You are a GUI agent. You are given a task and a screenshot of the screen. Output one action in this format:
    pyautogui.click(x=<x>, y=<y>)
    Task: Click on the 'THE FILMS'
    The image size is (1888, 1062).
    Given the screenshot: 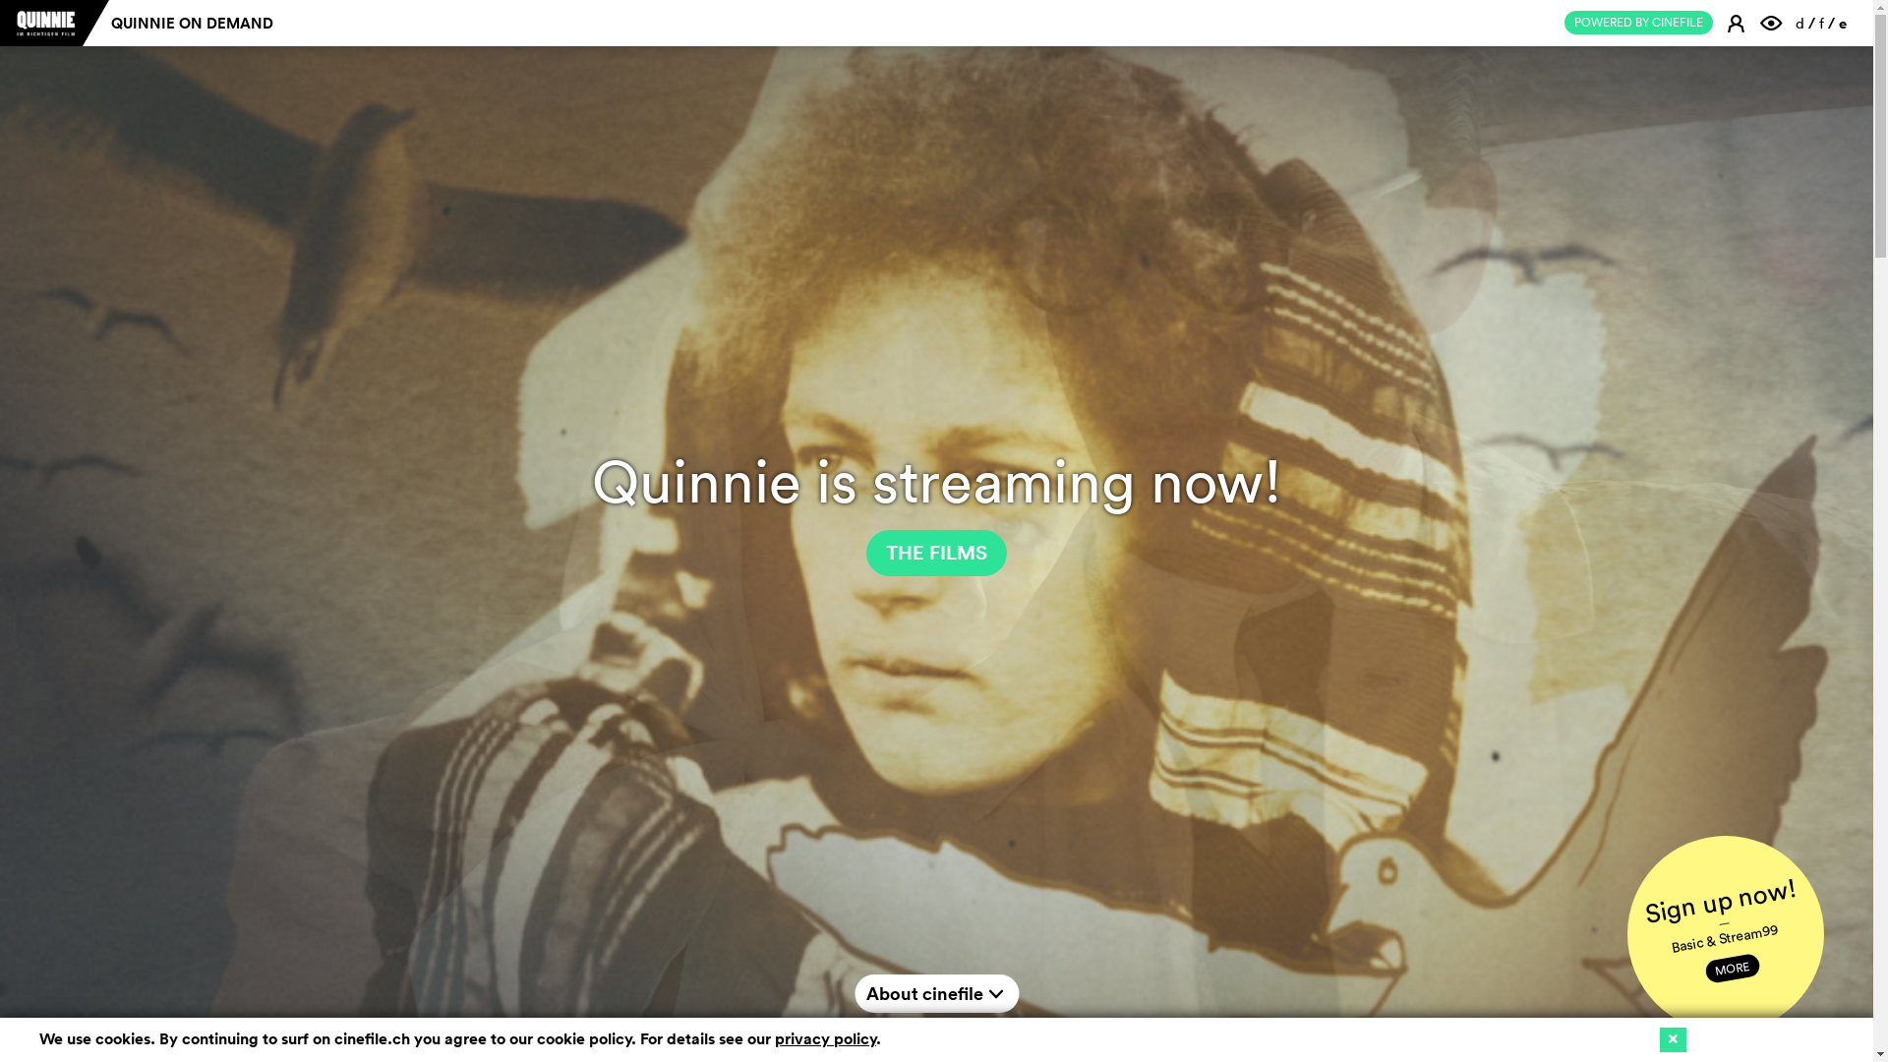 What is the action you would take?
    pyautogui.click(x=935, y=553)
    